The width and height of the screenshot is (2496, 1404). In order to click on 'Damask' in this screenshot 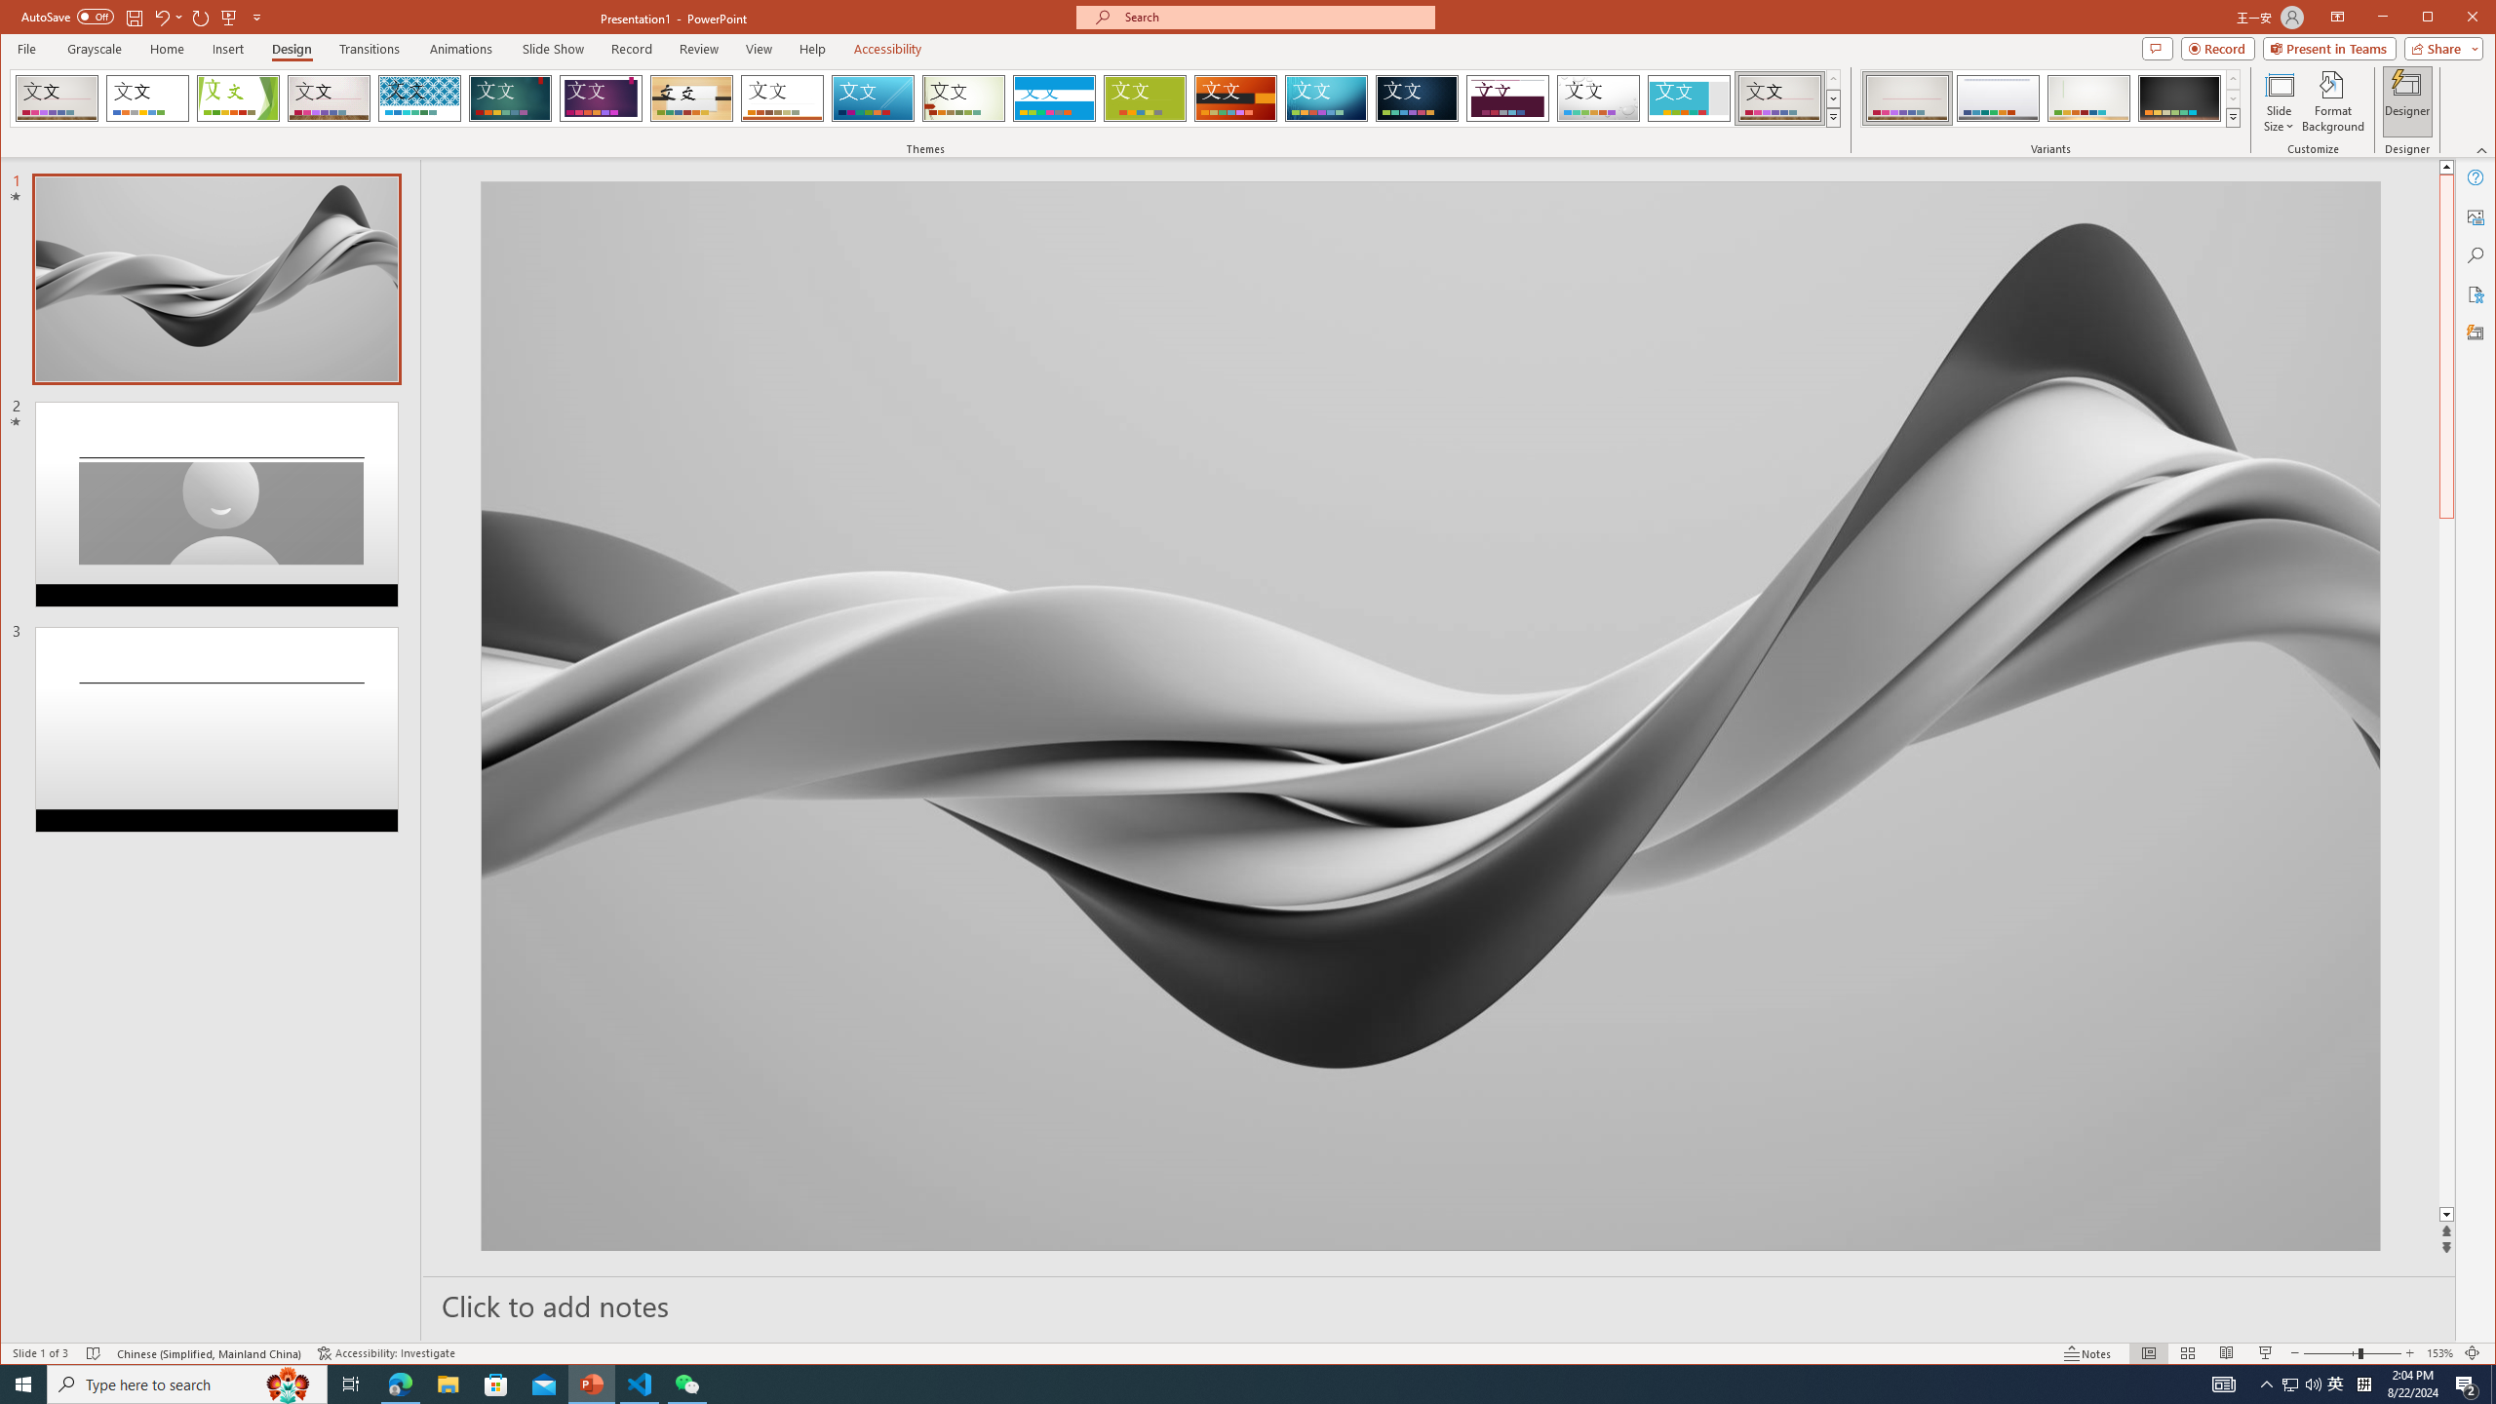, I will do `click(1418, 97)`.